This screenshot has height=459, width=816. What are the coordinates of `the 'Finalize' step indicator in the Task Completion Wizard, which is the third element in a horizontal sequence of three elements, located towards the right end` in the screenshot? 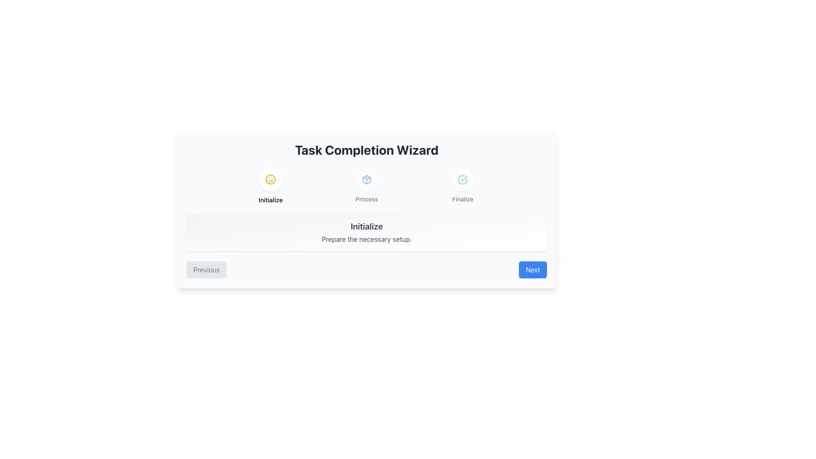 It's located at (462, 185).